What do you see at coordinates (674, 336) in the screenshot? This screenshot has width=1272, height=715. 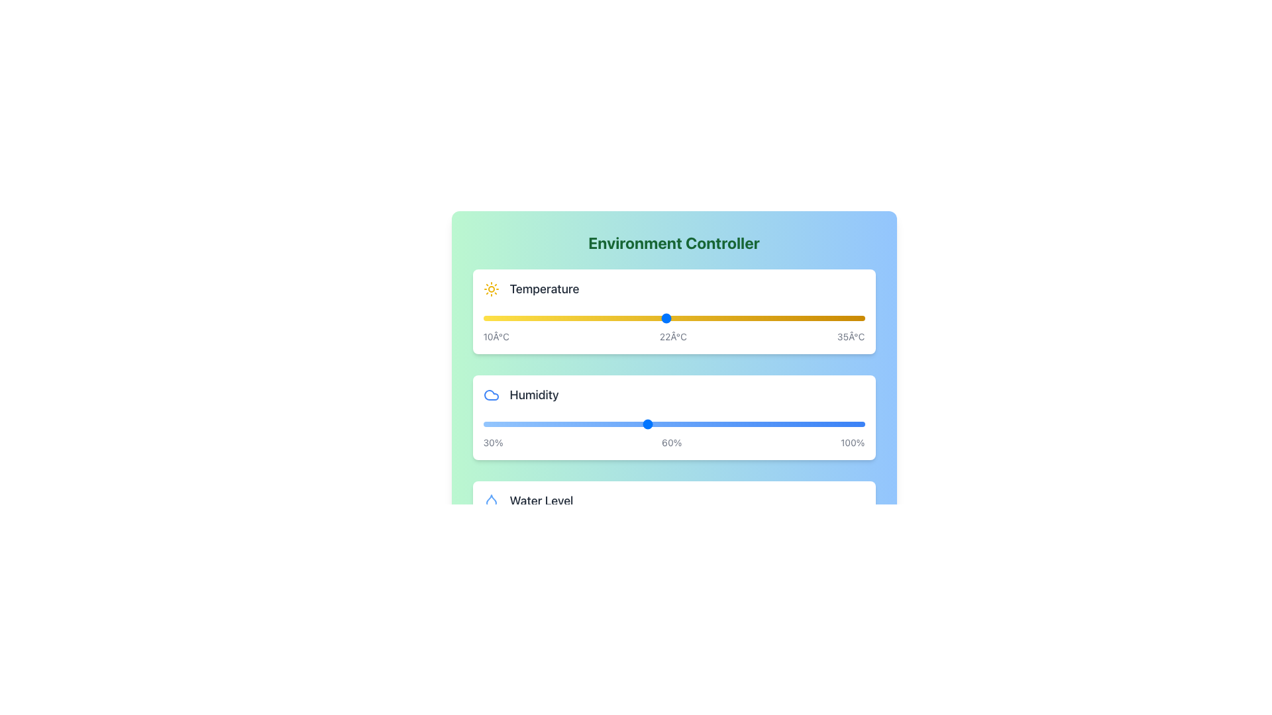 I see `the row of temperature labels ('10°C', '22°C', '35°C') located beneath the temperature slider` at bounding box center [674, 336].